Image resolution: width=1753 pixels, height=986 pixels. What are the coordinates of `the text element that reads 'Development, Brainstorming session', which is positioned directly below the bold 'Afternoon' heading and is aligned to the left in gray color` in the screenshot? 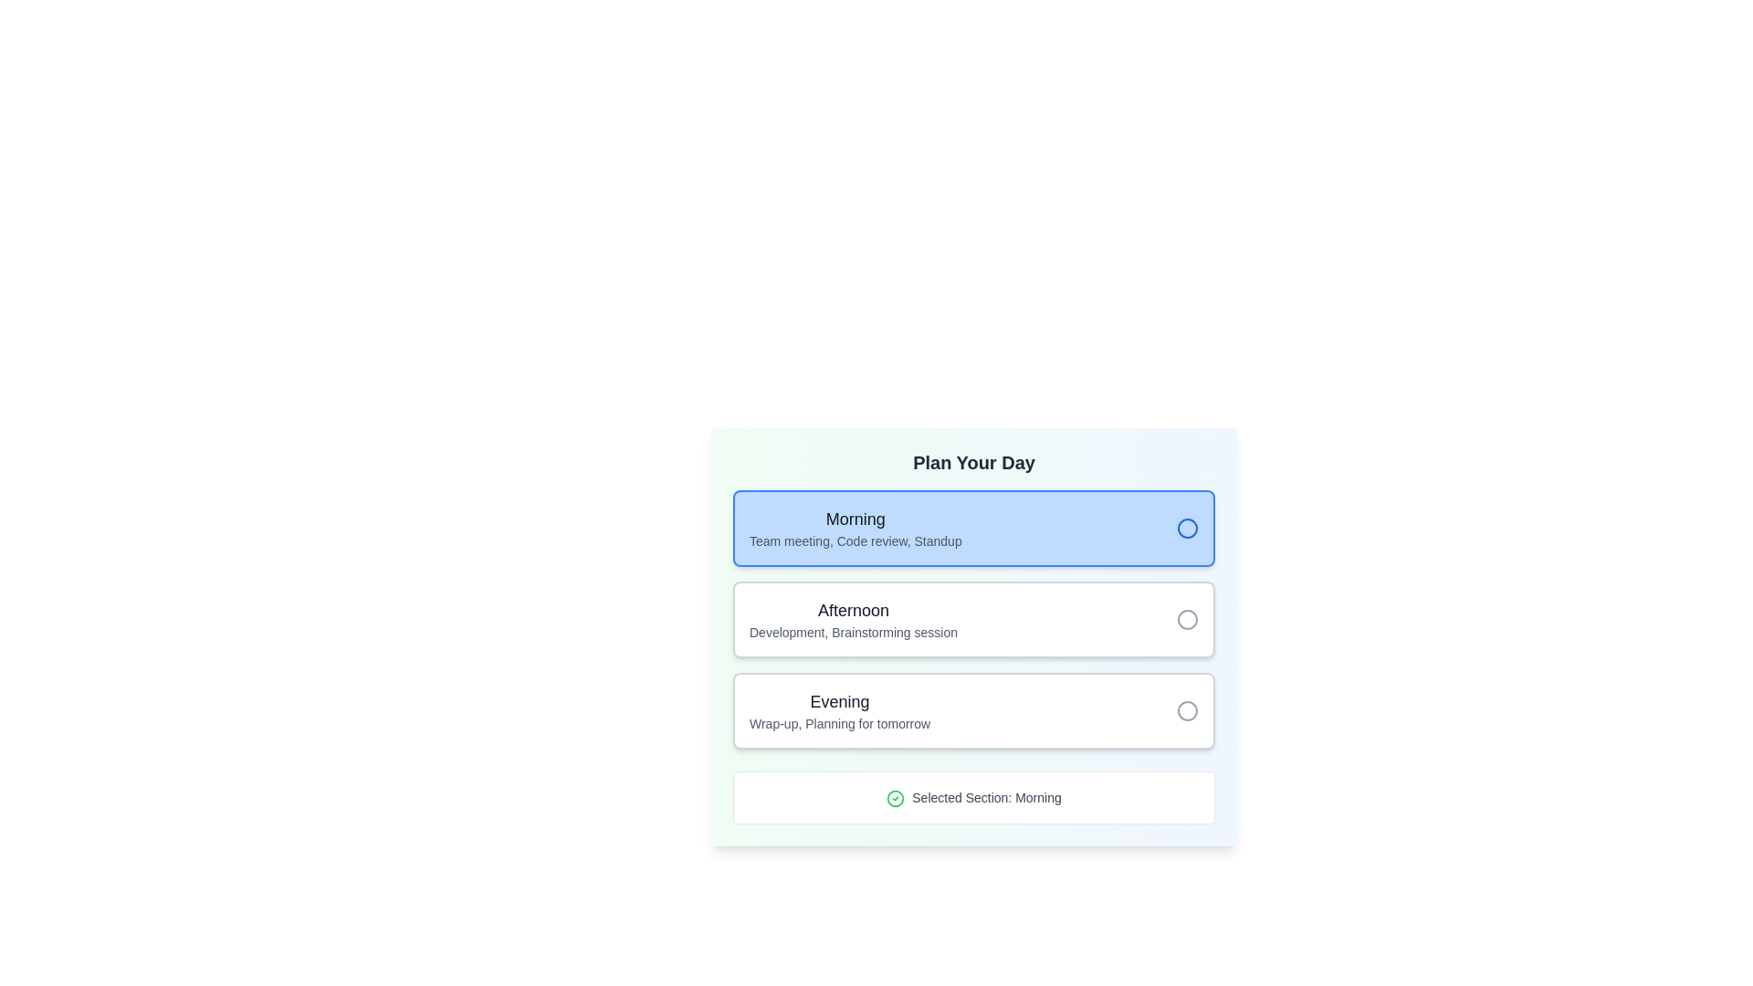 It's located at (853, 632).